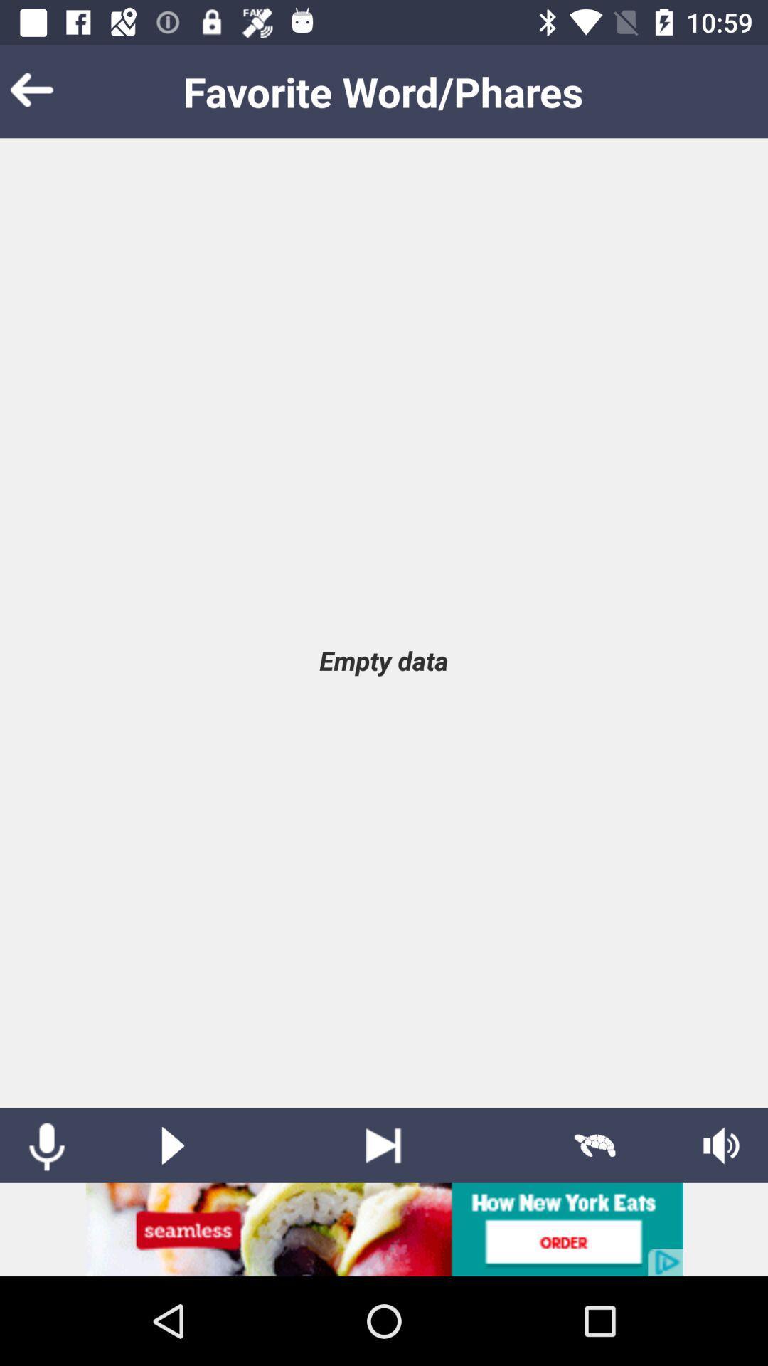 This screenshot has width=768, height=1366. Describe the element at coordinates (594, 1145) in the screenshot. I see `slow mode activation` at that location.